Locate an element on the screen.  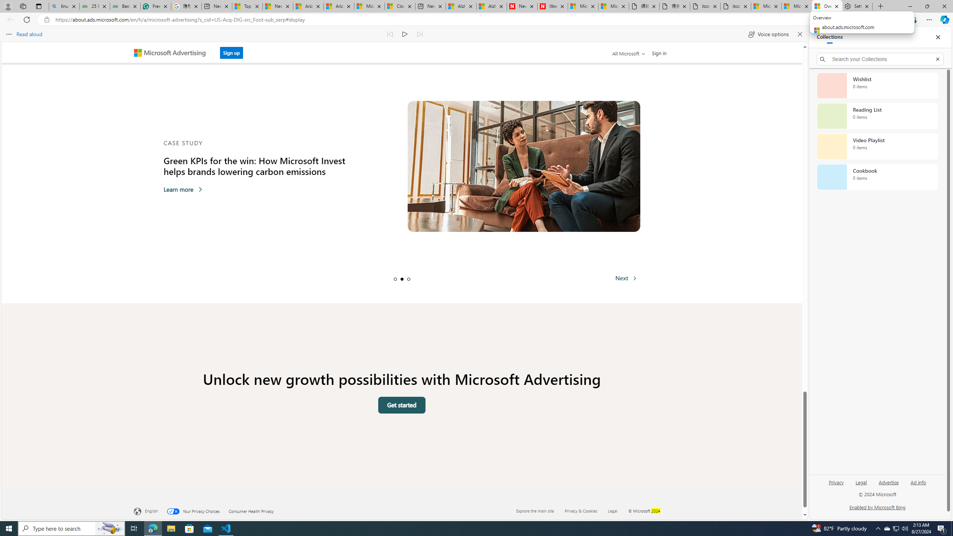
'Best SSL Certificates Provider in India - GeeksforGeeks' is located at coordinates (125, 6).